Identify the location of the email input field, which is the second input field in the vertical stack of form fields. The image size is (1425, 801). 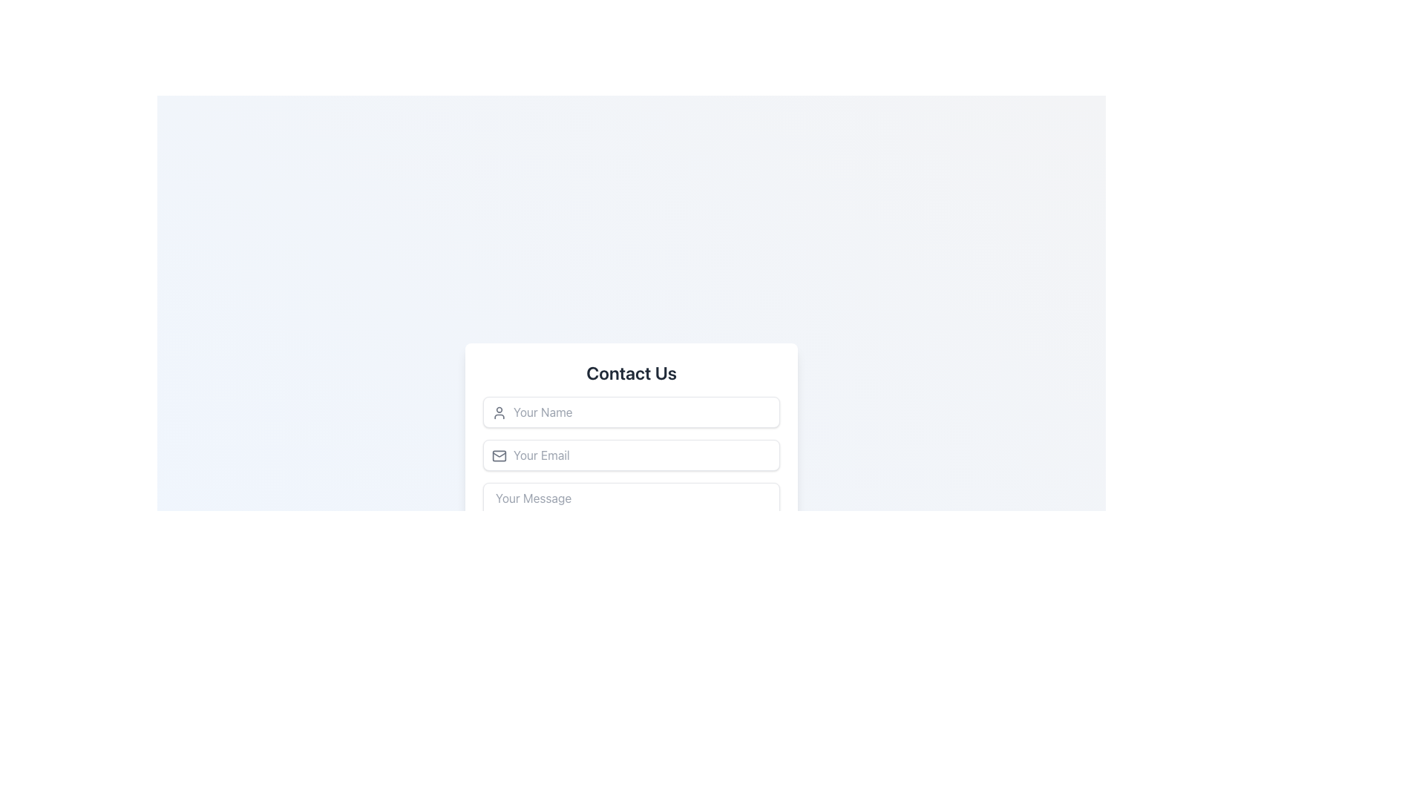
(631, 454).